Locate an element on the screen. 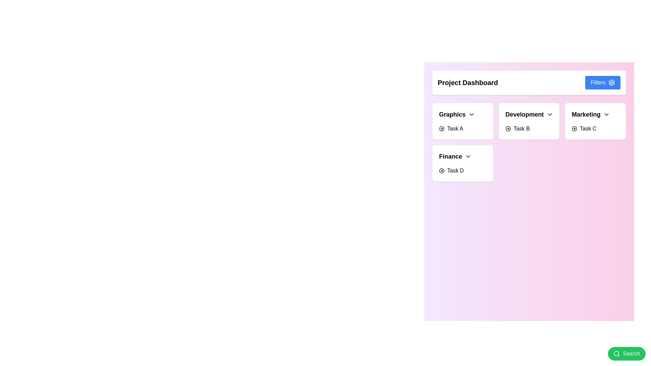 The width and height of the screenshot is (651, 366). the first clickable list item representing Task A within the Graphics card for additional options is located at coordinates (451, 129).